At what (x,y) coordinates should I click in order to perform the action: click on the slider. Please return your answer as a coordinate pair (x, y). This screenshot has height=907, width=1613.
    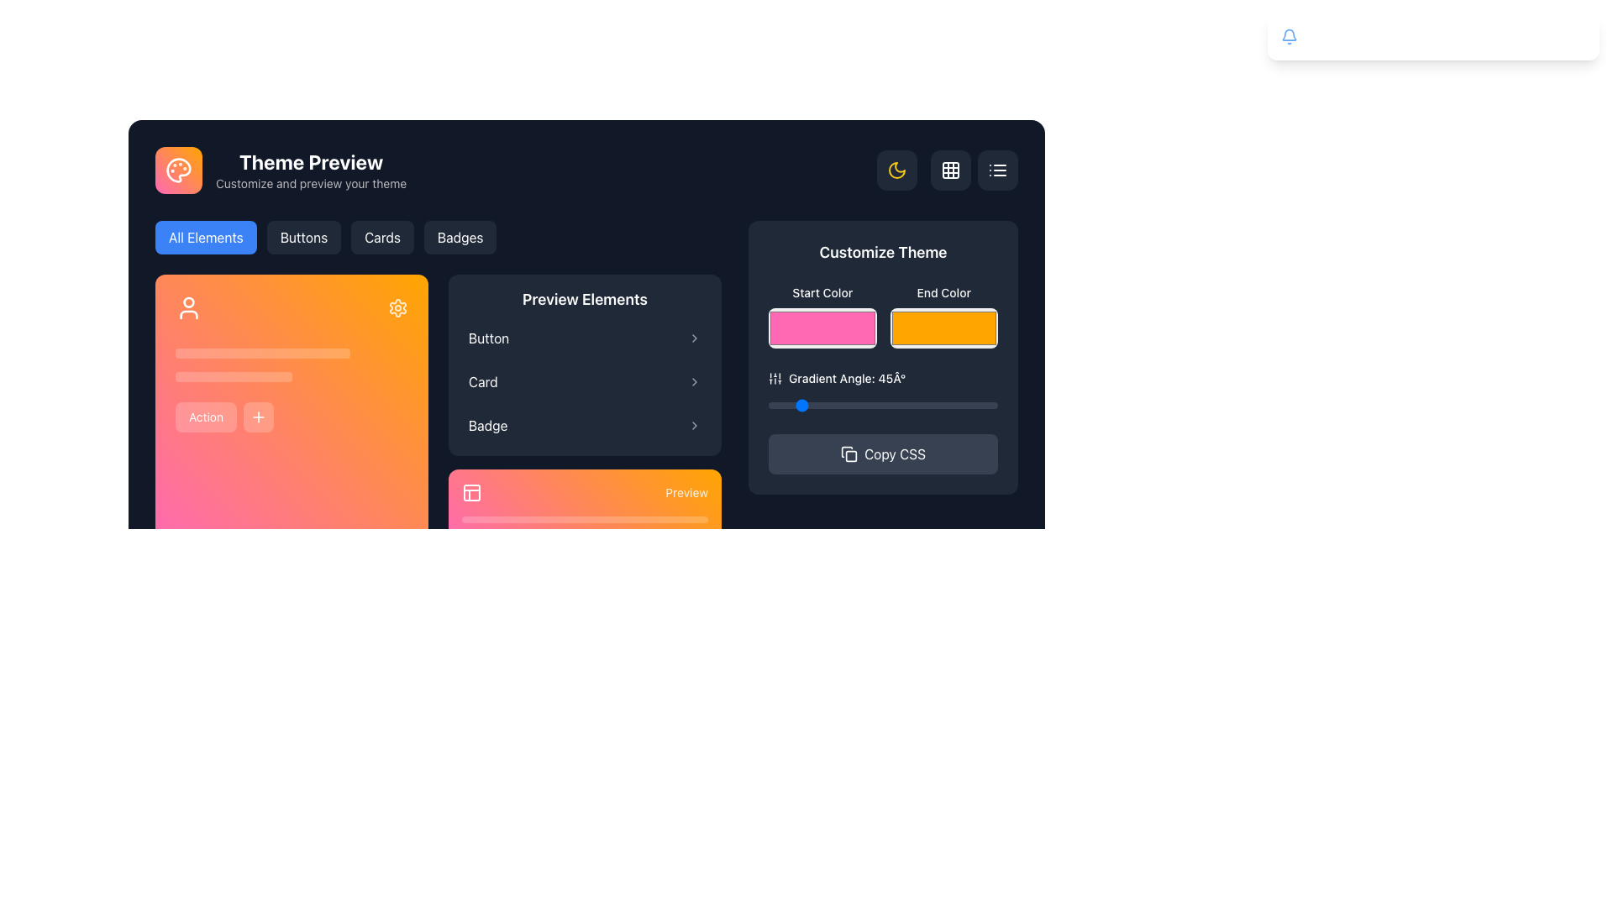
    Looking at the image, I should click on (211, 352).